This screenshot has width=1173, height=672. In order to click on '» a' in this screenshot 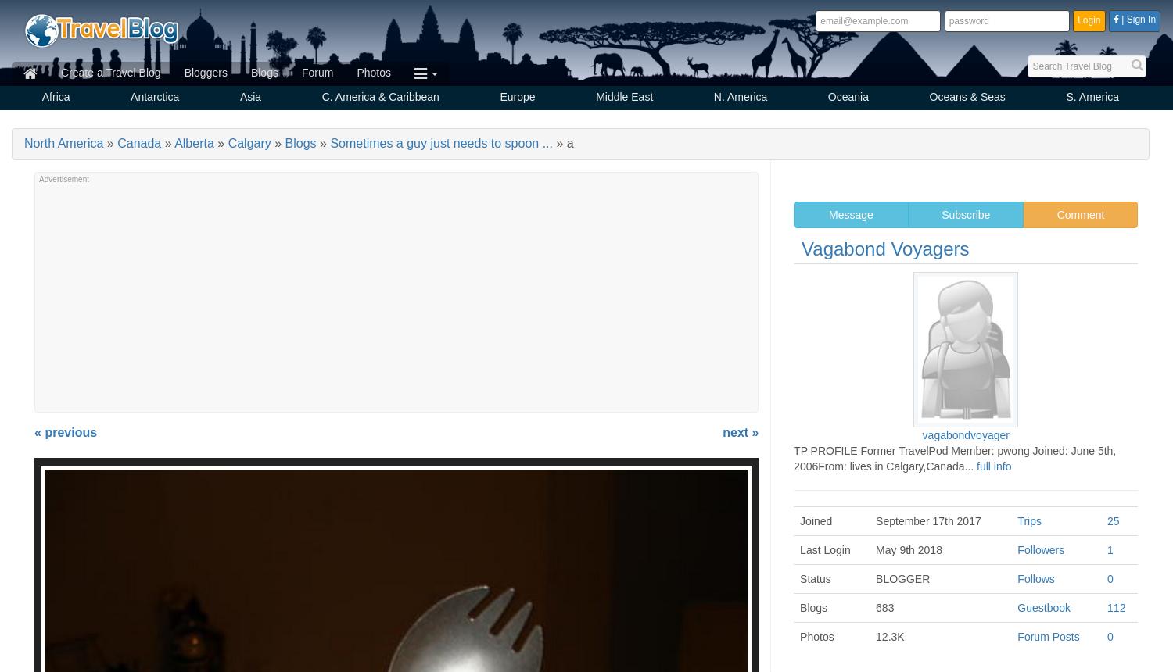, I will do `click(551, 142)`.